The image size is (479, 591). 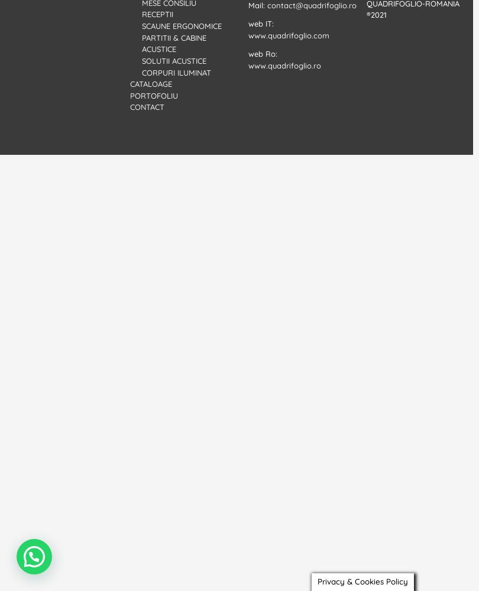 What do you see at coordinates (263, 53) in the screenshot?
I see `'web Ro:'` at bounding box center [263, 53].